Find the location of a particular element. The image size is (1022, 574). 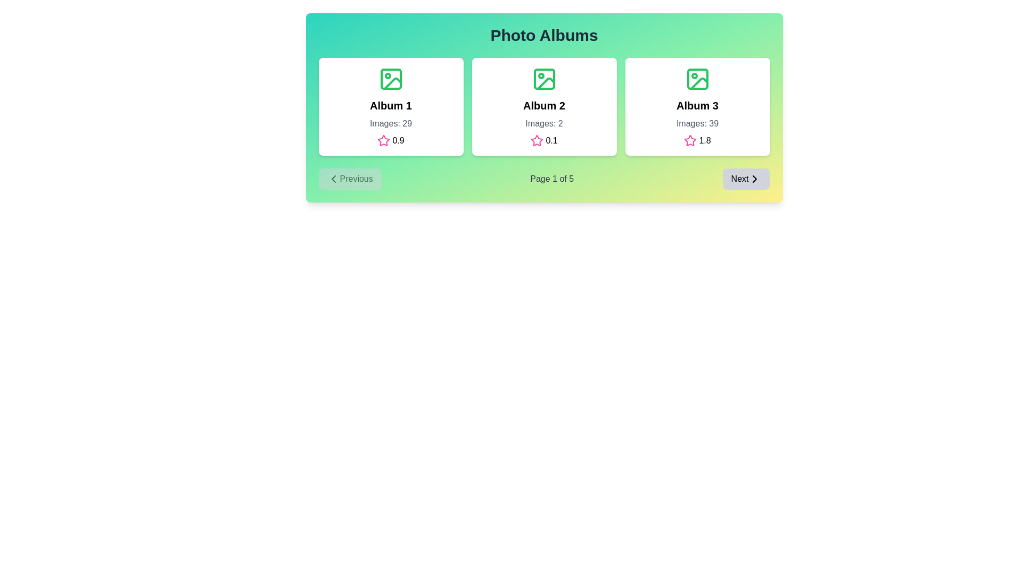

the green rectangular SVG shape within the first card of the photo albums grid, located above the text 'Album 1' is located at coordinates (390, 79).